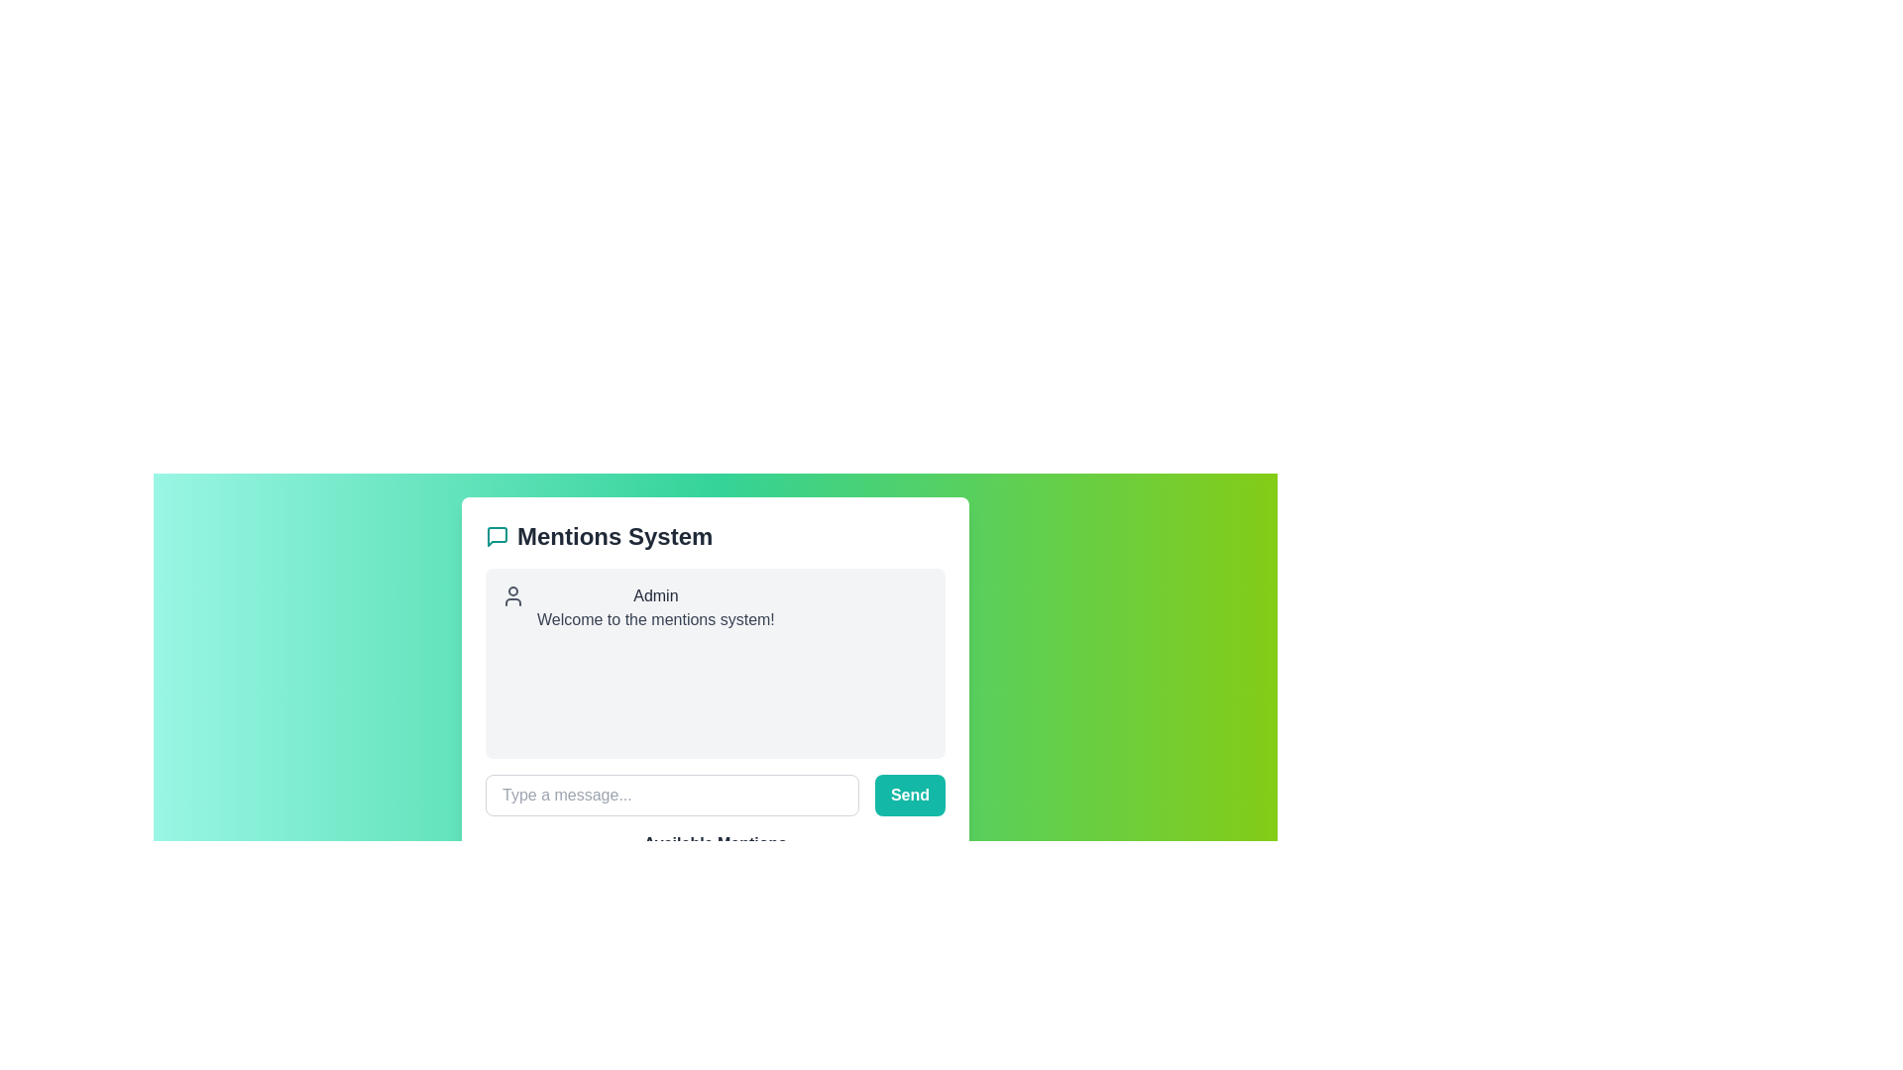 Image resolution: width=1903 pixels, height=1070 pixels. I want to click on the message bubble icon with a teal stroke, located to the left of the 'Mentions System' header and above the main content, so click(498, 537).